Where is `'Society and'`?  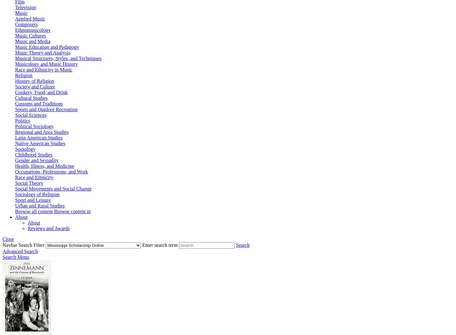 'Society and' is located at coordinates (15, 87).